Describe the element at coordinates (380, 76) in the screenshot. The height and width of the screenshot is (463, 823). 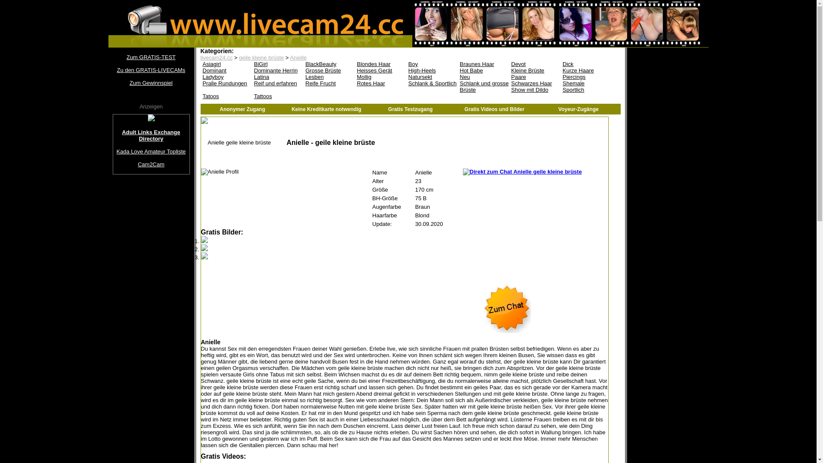
I see `'Mollig'` at that location.